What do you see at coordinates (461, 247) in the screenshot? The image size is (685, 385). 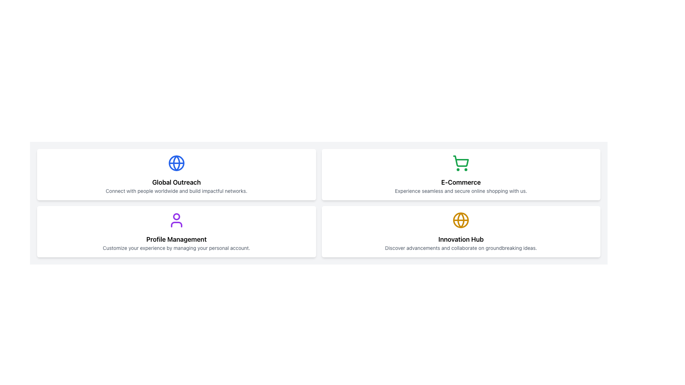 I see `the text label that reads 'Discover advancements and collaborate on groundbreaking ideas.' located at the bottom of the 'Innovation Hub' card` at bounding box center [461, 247].